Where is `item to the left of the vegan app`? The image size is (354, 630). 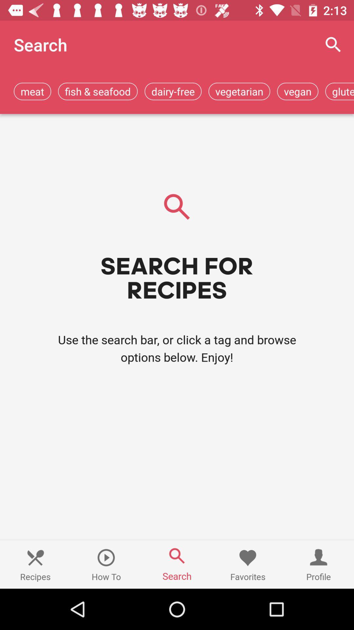
item to the left of the vegan app is located at coordinates (239, 91).